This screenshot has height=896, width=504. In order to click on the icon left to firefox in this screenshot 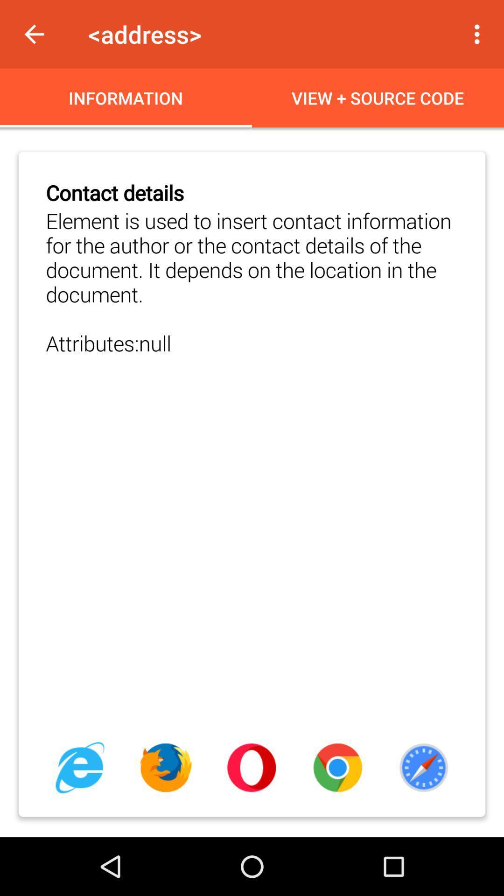, I will do `click(79, 768)`.